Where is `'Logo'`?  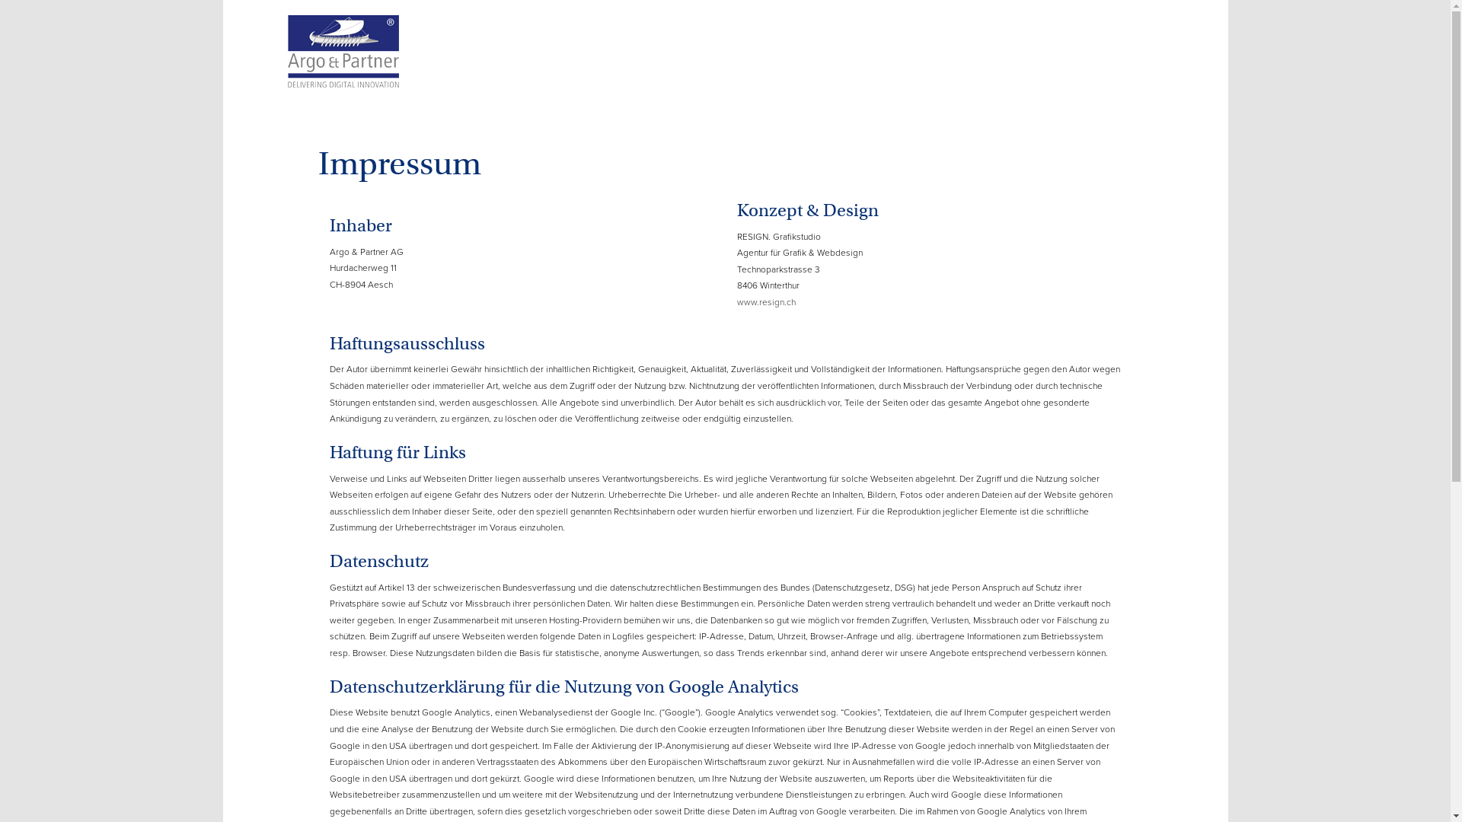 'Logo' is located at coordinates (342, 44).